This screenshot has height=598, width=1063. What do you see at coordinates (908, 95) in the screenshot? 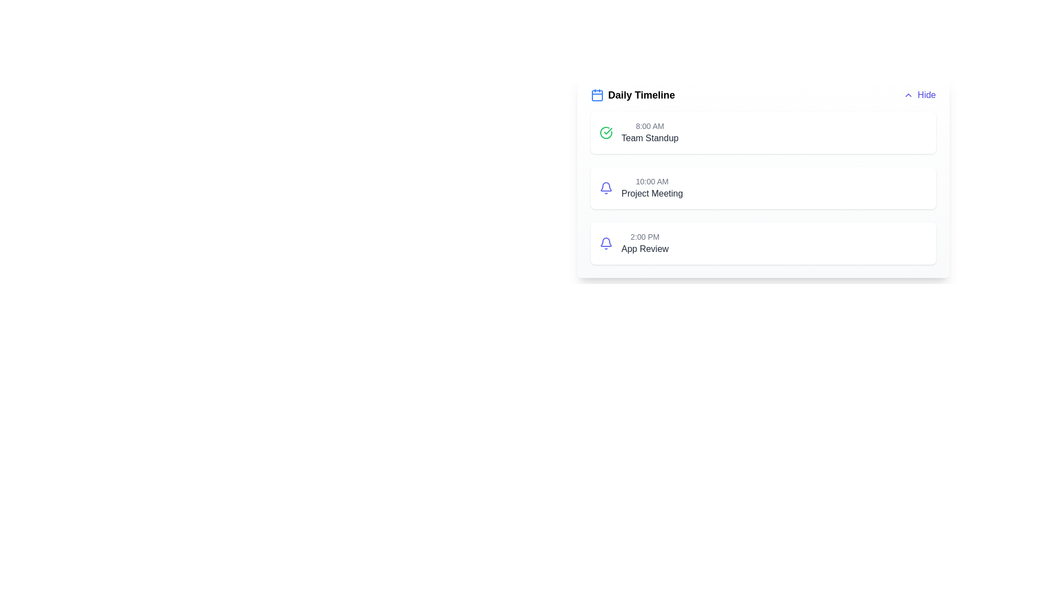
I see `the upward-pointing chevron SVG icon located to the left of the 'Hide' text in the top-right corner of the interface` at bounding box center [908, 95].